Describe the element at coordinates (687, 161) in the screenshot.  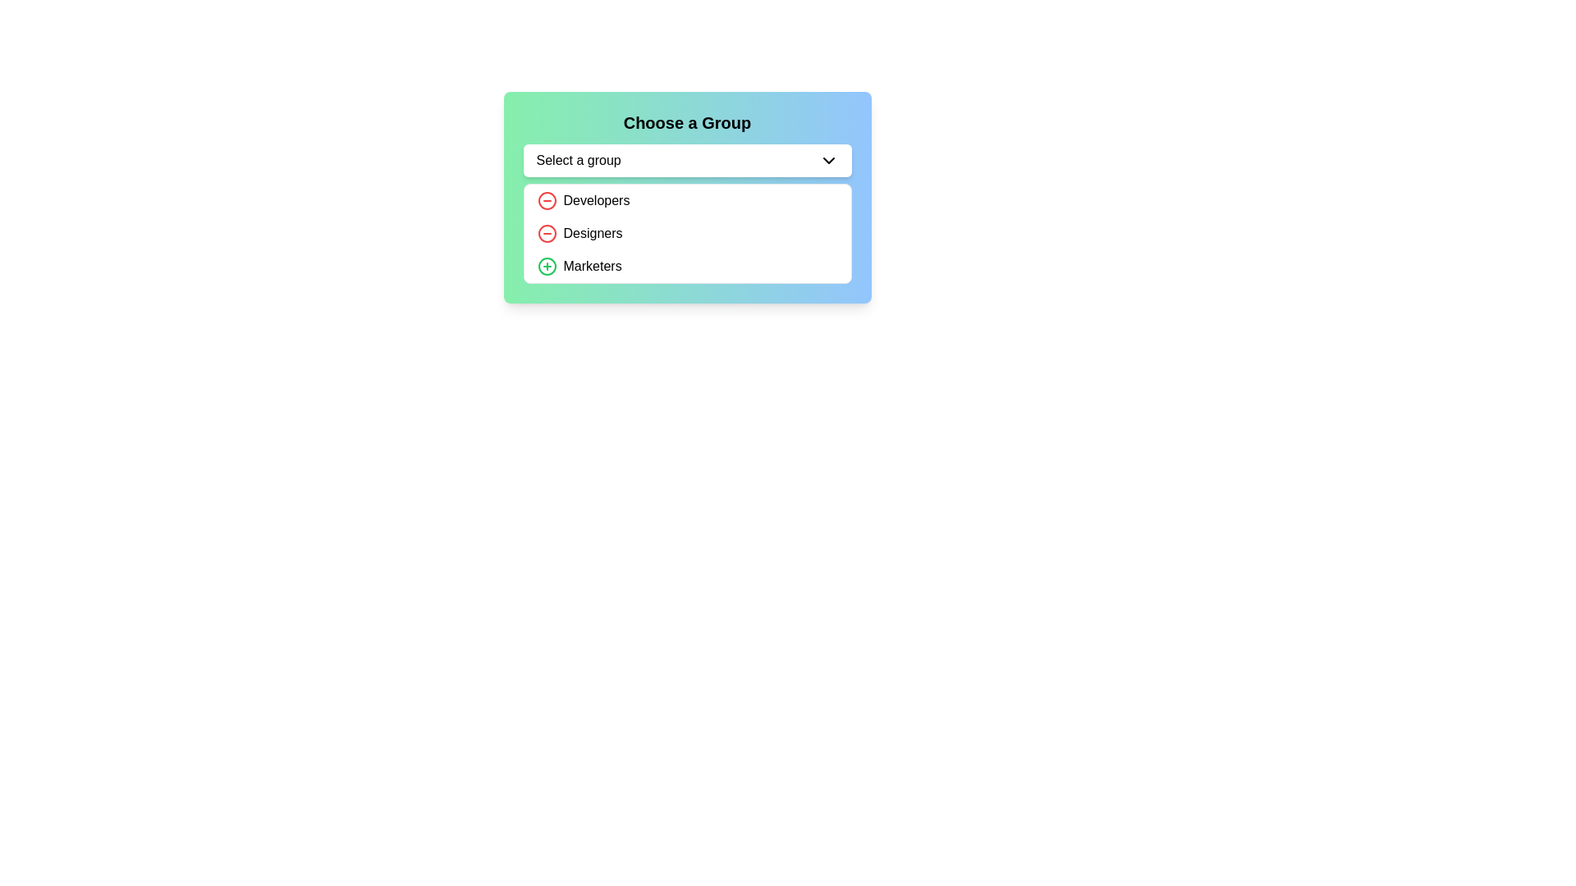
I see `the Dropdown menu trigger located beneath the title 'Choose a Group' to indicate focus` at that location.